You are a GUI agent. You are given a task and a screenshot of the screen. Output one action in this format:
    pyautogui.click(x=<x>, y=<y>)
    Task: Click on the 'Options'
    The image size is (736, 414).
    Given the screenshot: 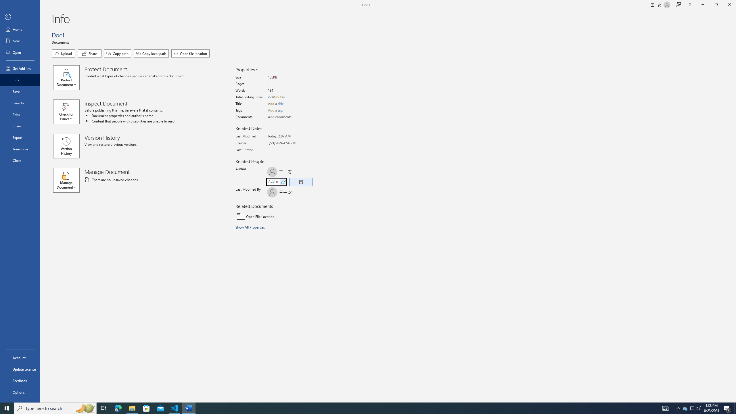 What is the action you would take?
    pyautogui.click(x=20, y=392)
    